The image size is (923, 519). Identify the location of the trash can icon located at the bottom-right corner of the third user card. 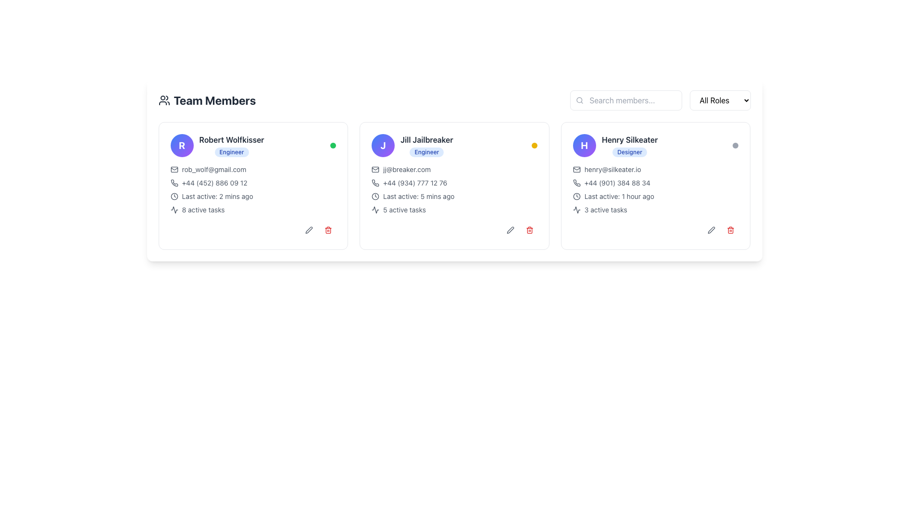
(731, 230).